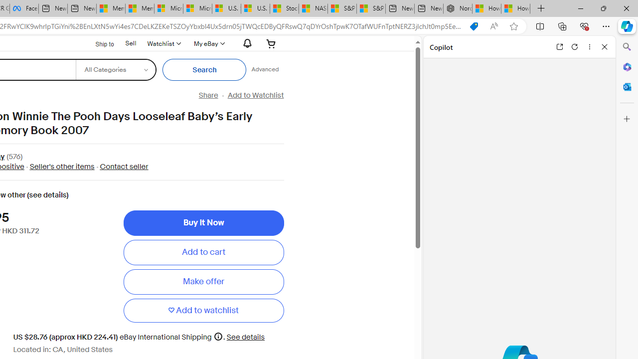 The image size is (638, 359). I want to click on '  Seller', so click(59, 166).